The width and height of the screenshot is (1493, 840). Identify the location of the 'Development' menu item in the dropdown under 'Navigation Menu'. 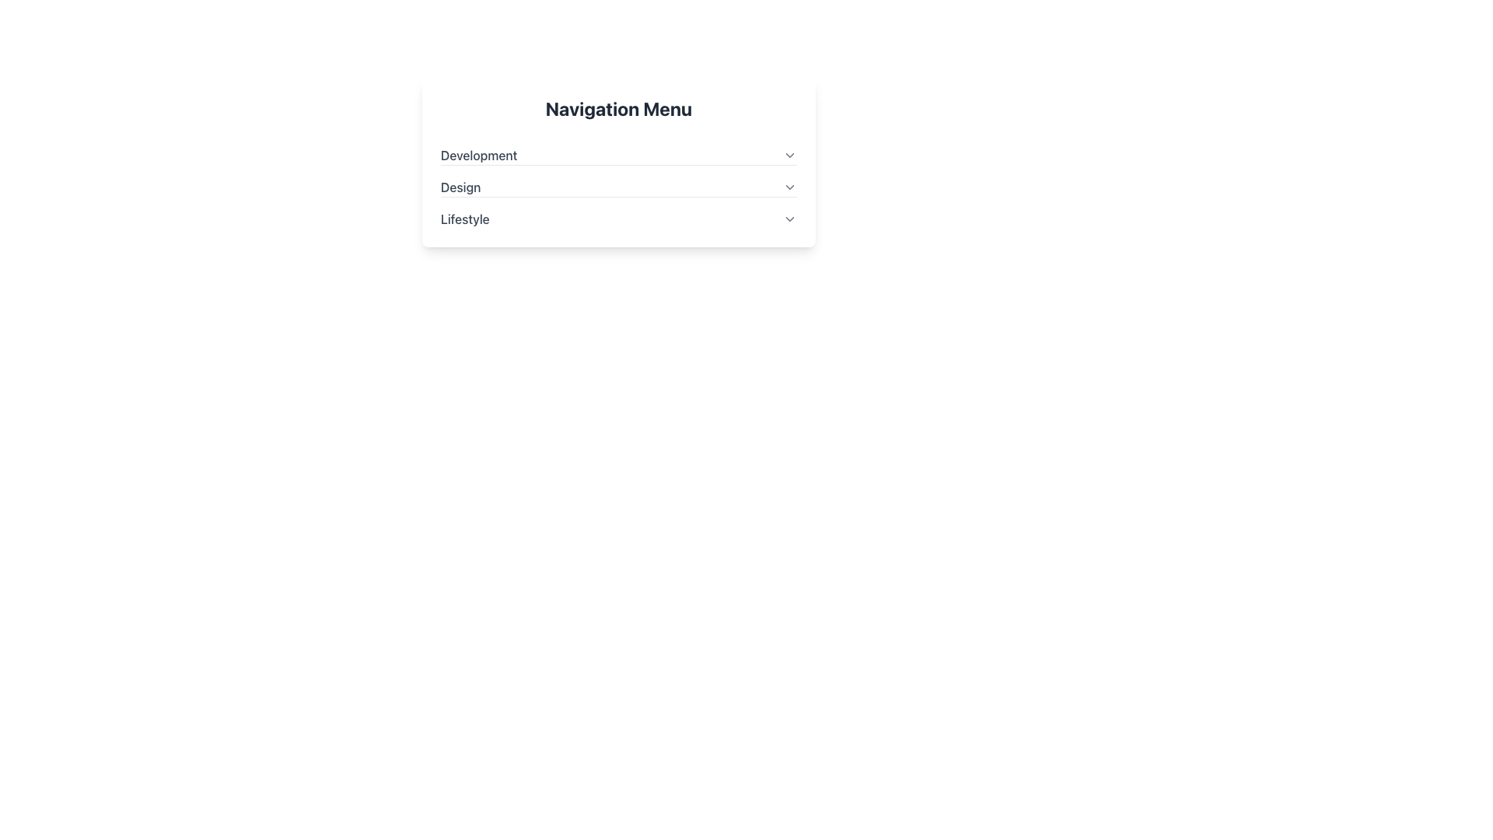
(618, 149).